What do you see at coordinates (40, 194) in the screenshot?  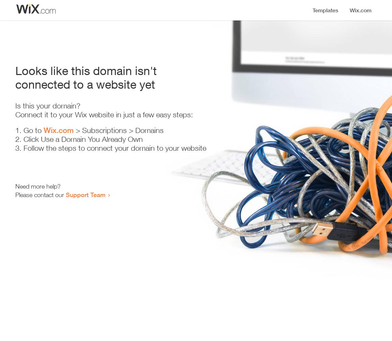 I see `'Please contact our'` at bounding box center [40, 194].